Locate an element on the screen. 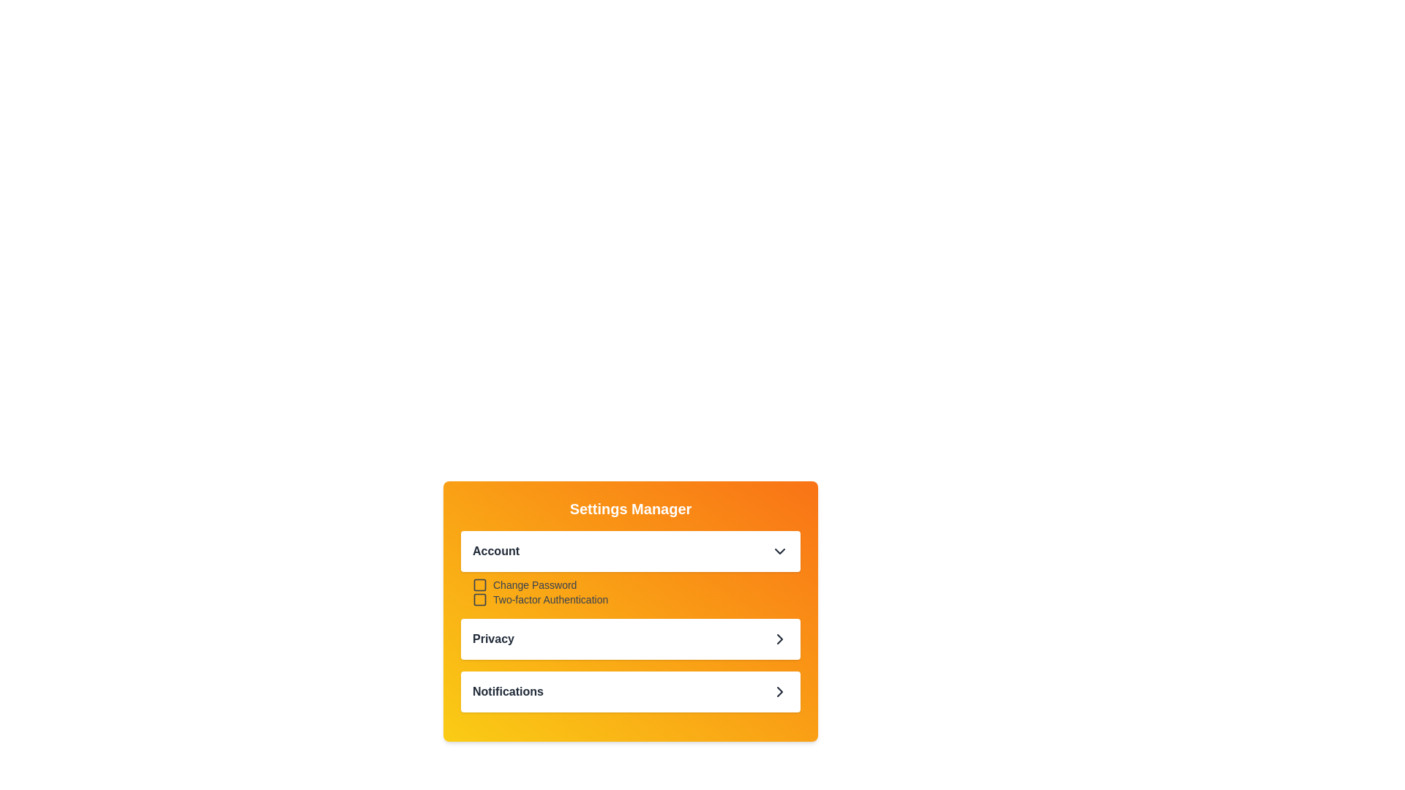 This screenshot has height=790, width=1405. the 'Account' button located at the top of the settings options list under 'Settings Manager' is located at coordinates (631, 551).